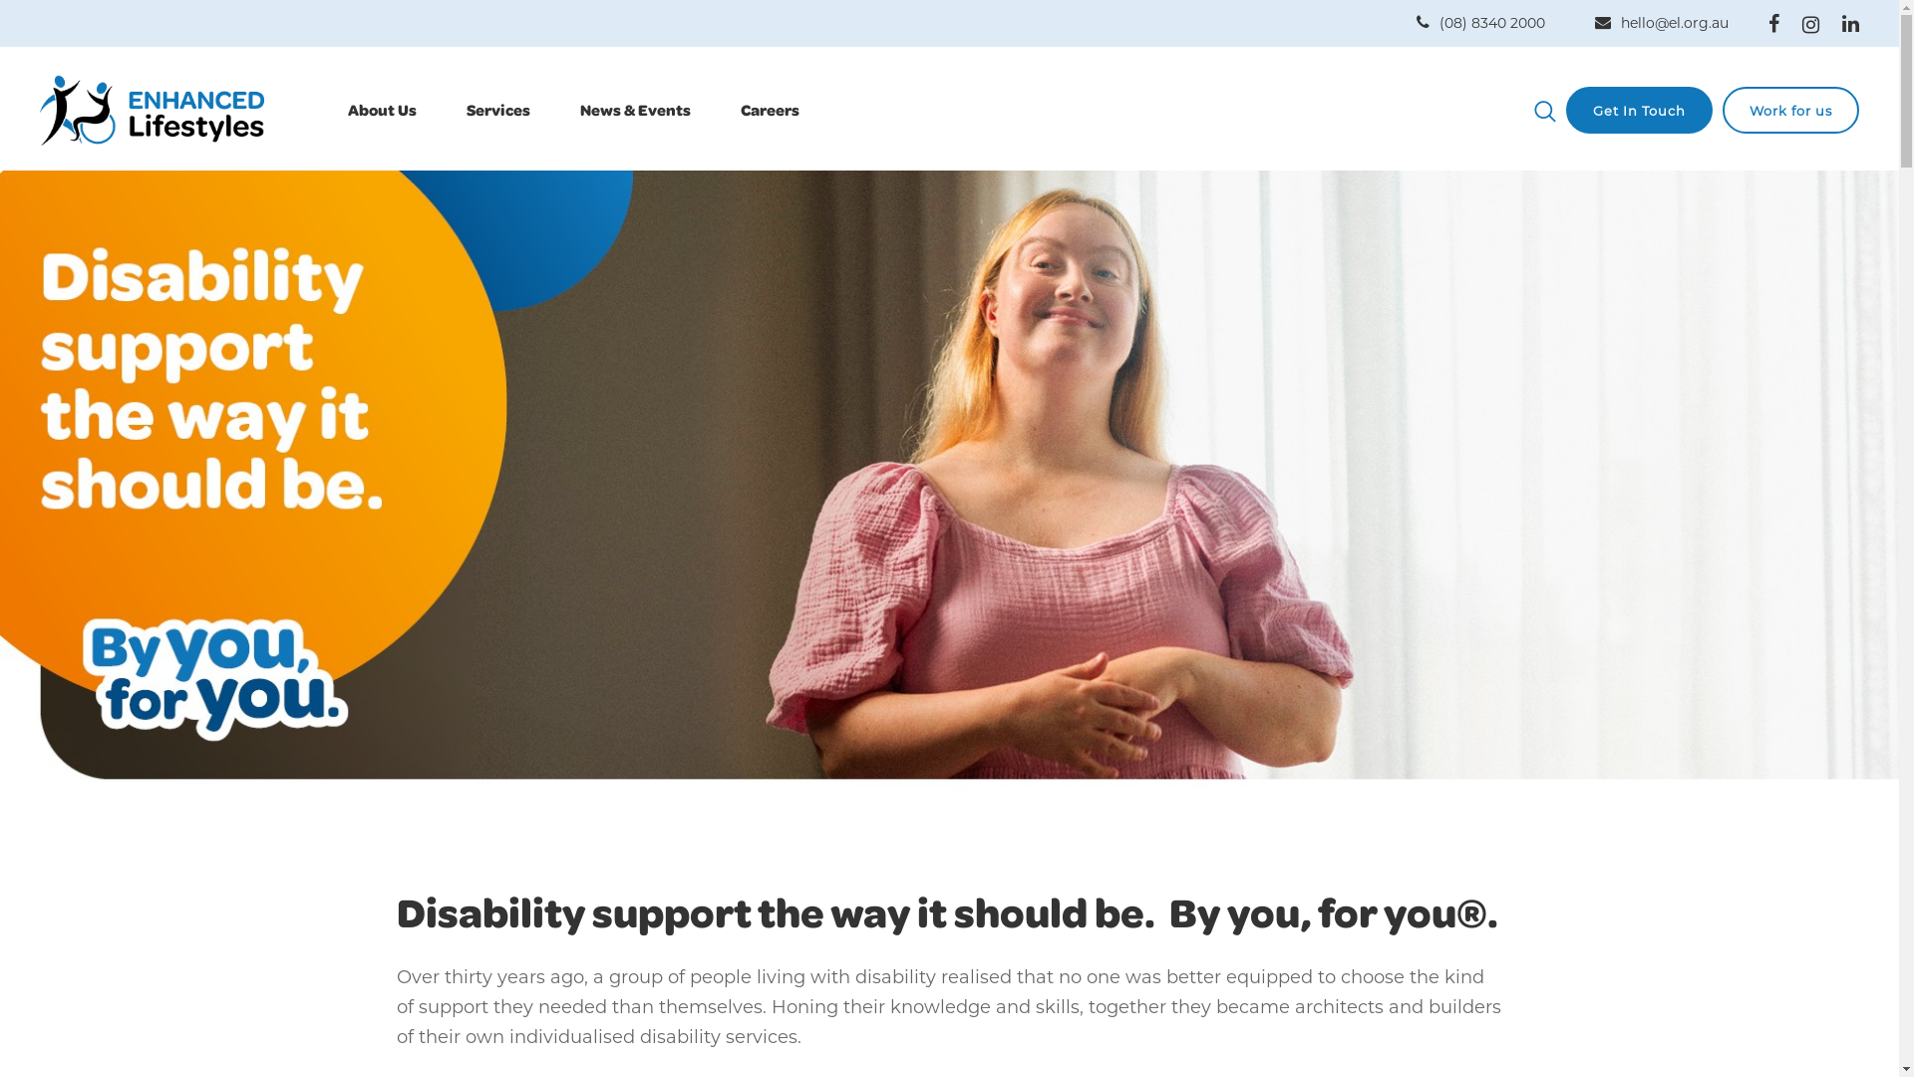 The image size is (1914, 1077). I want to click on 'Careers', so click(740, 110).